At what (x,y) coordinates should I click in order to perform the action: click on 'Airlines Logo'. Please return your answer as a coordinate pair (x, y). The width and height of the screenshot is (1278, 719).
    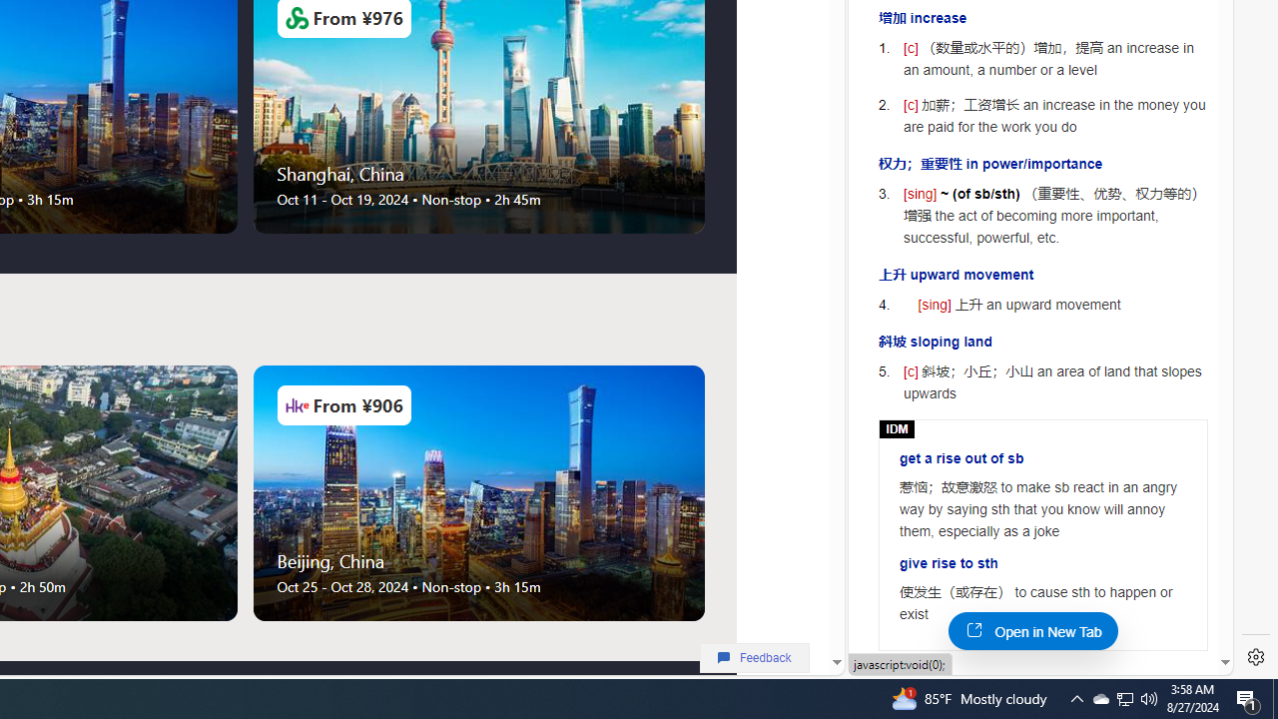
    Looking at the image, I should click on (296, 404).